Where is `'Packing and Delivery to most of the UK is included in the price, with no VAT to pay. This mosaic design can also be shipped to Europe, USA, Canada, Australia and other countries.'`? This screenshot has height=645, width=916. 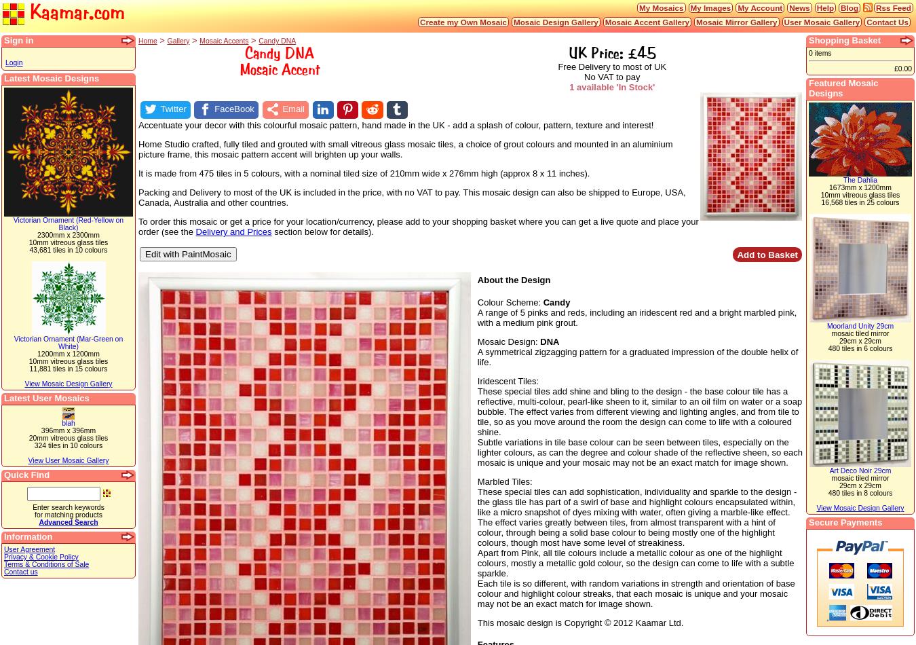 'Packing and Delivery to most of the UK is included in the price, with no VAT to pay. This mosaic design can also be shipped to Europe, USA, Canada, Australia and other countries.' is located at coordinates (411, 196).